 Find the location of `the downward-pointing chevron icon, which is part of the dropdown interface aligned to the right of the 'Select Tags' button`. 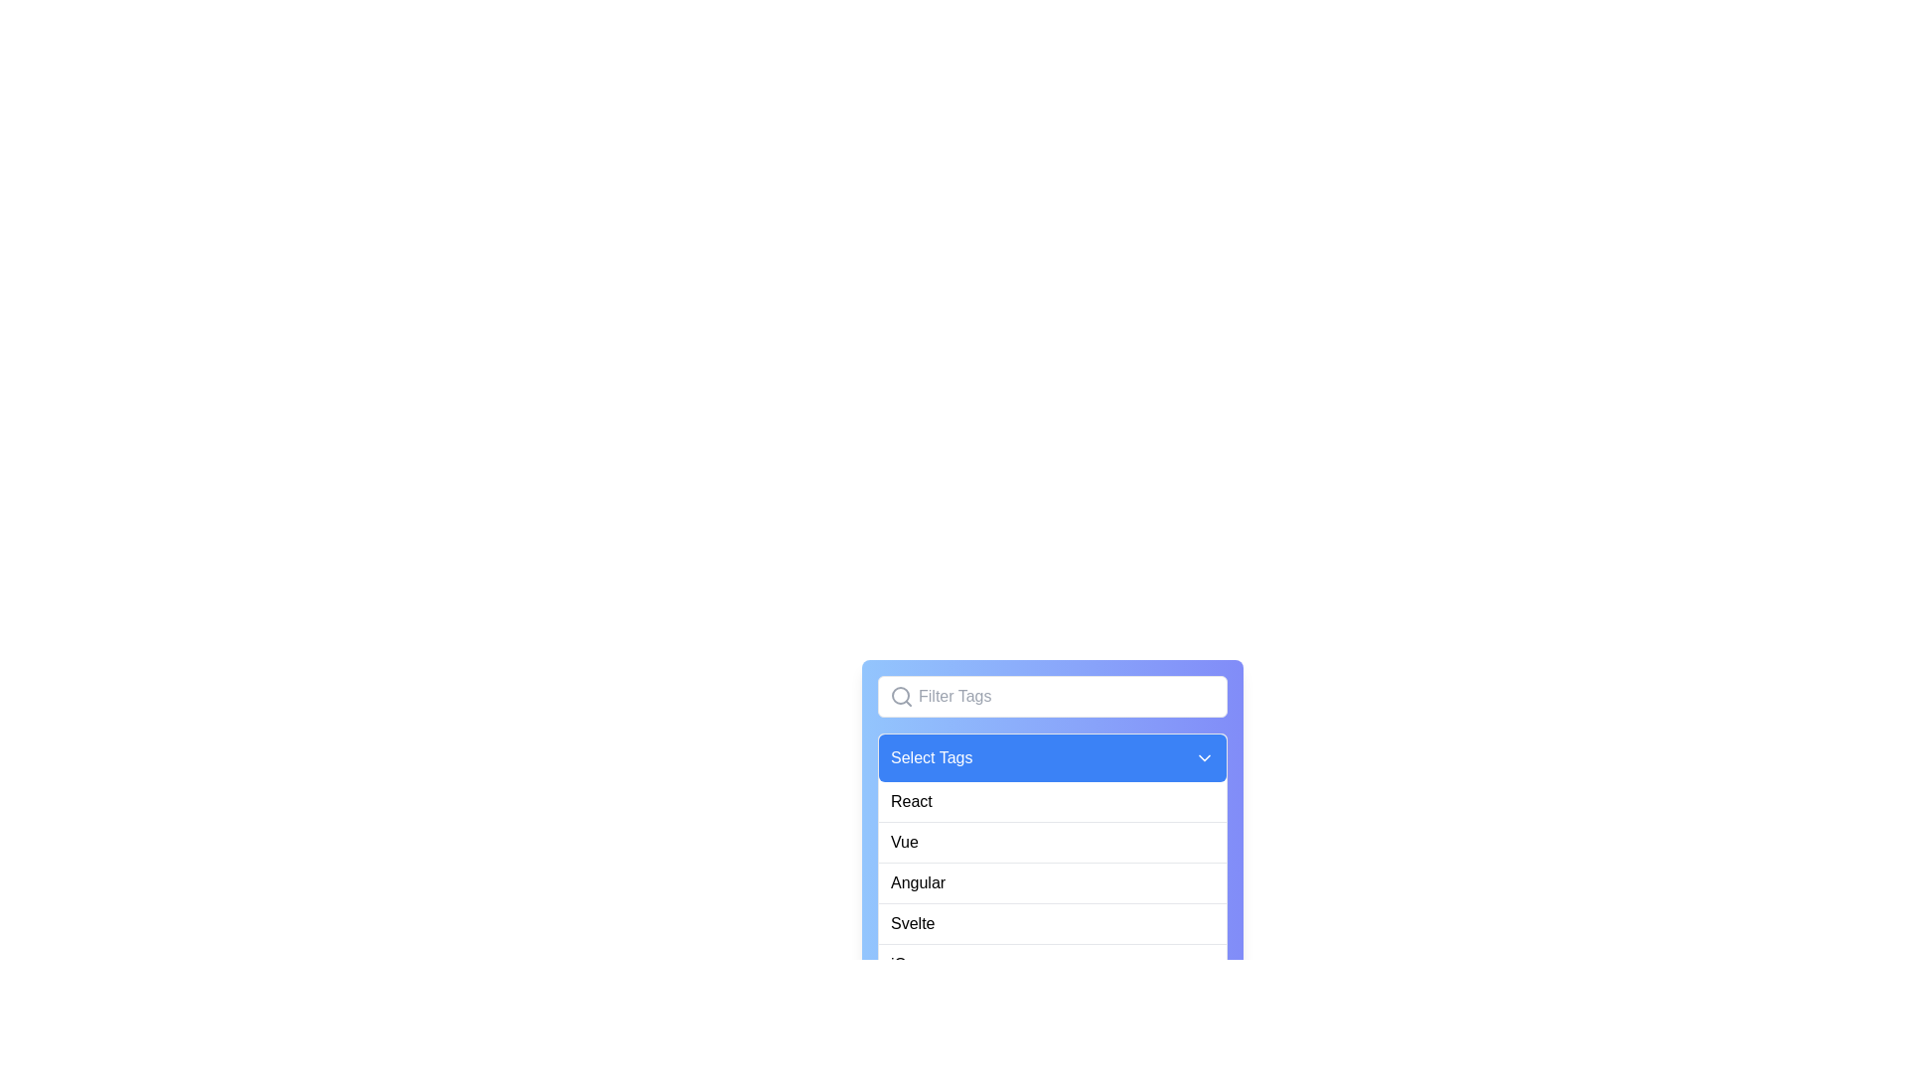

the downward-pointing chevron icon, which is part of the dropdown interface aligned to the right of the 'Select Tags' button is located at coordinates (1204, 757).